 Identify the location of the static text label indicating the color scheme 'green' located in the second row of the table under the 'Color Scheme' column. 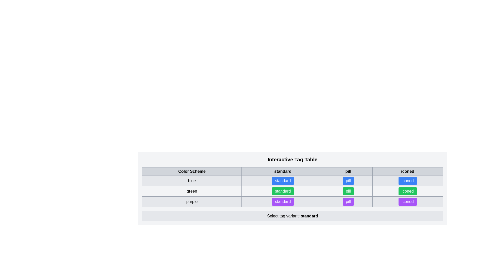
(192, 191).